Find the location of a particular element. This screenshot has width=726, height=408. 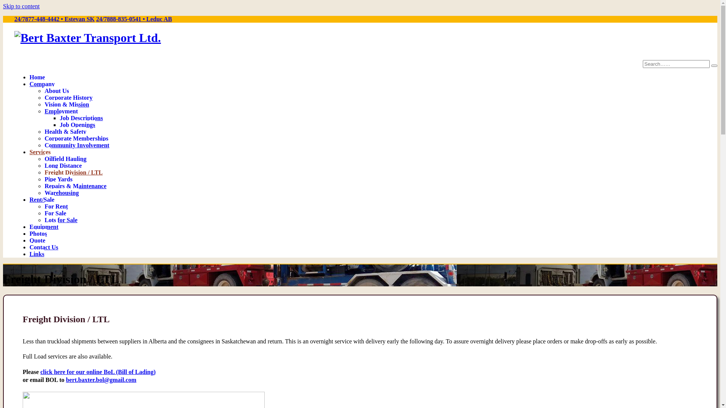

'bert.baxter.bol@gmail.com' is located at coordinates (101, 380).